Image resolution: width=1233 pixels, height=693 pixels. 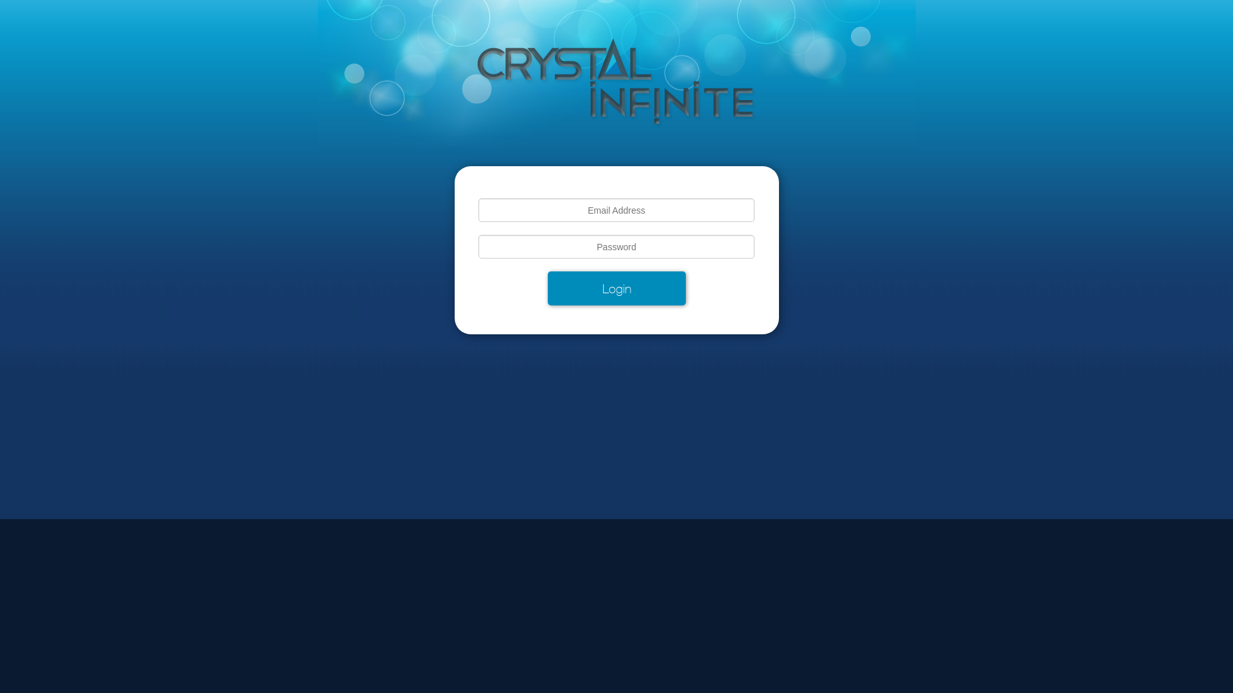 I want to click on 'Login', so click(x=615, y=287).